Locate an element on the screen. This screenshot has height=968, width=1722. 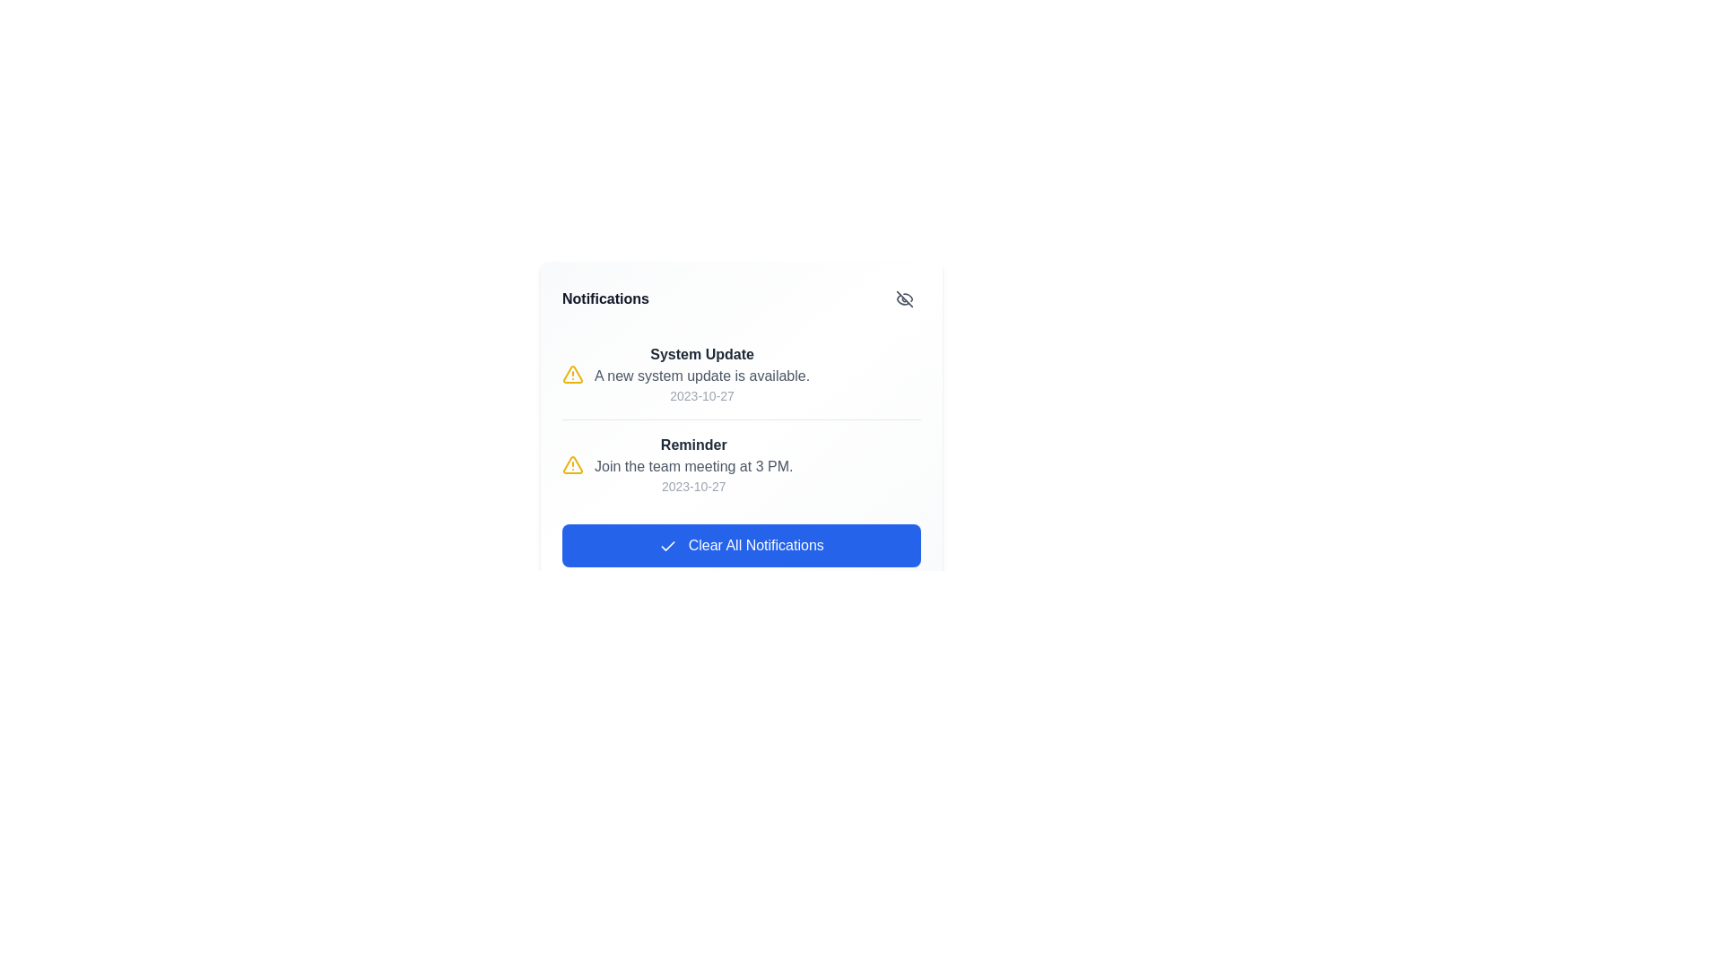
the Alert or Warning Symbol, which is a yellow triangle with a black outline and an exclamation mark, located at the start of the second notification row before the text 'Reminder: Join the team meeting at 3 PM.' is located at coordinates (571, 464).